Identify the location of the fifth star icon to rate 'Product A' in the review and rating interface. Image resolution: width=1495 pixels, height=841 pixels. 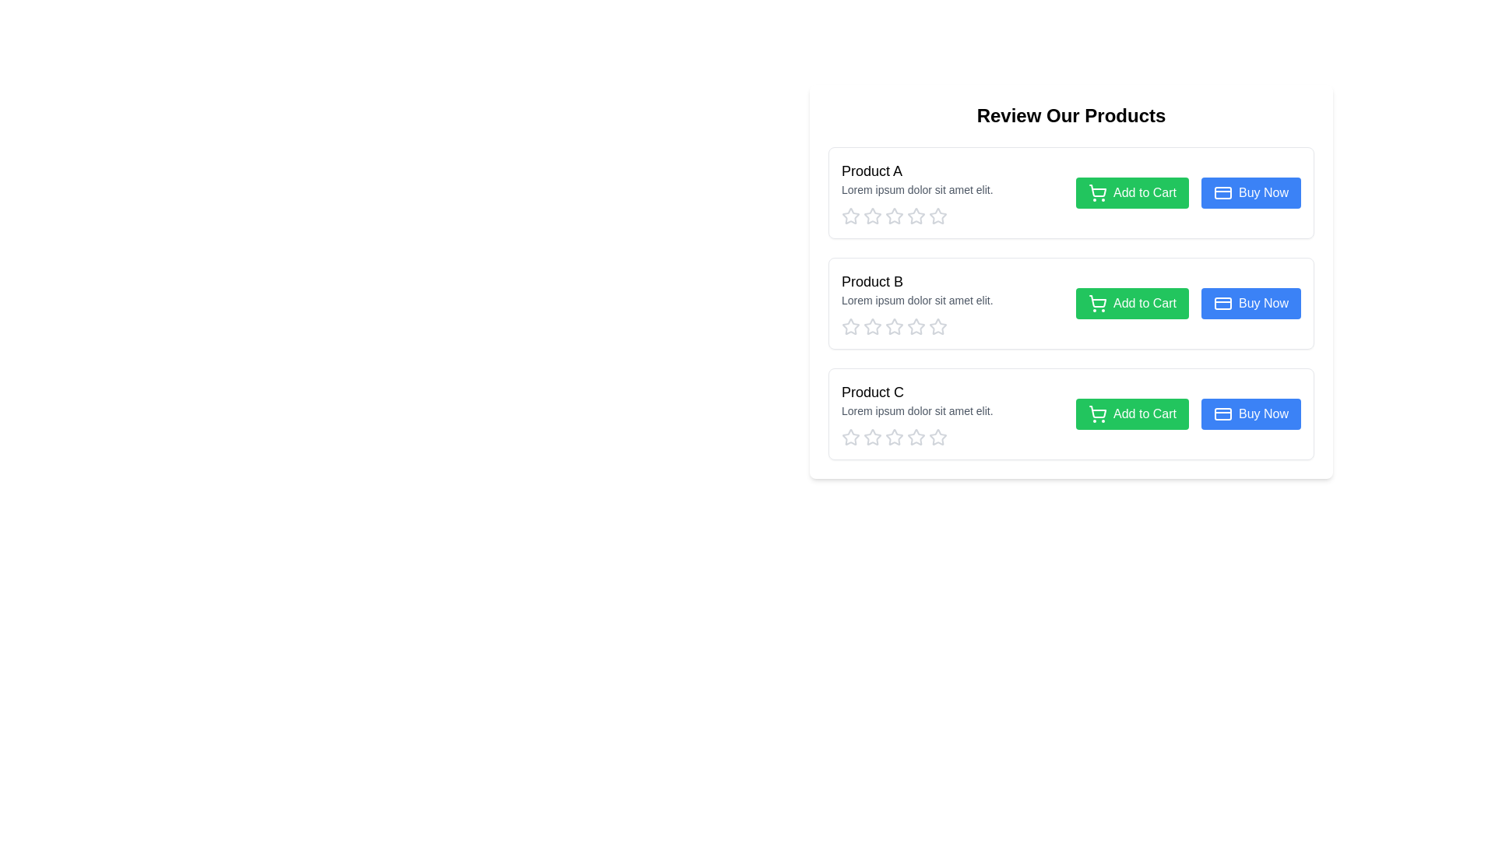
(937, 216).